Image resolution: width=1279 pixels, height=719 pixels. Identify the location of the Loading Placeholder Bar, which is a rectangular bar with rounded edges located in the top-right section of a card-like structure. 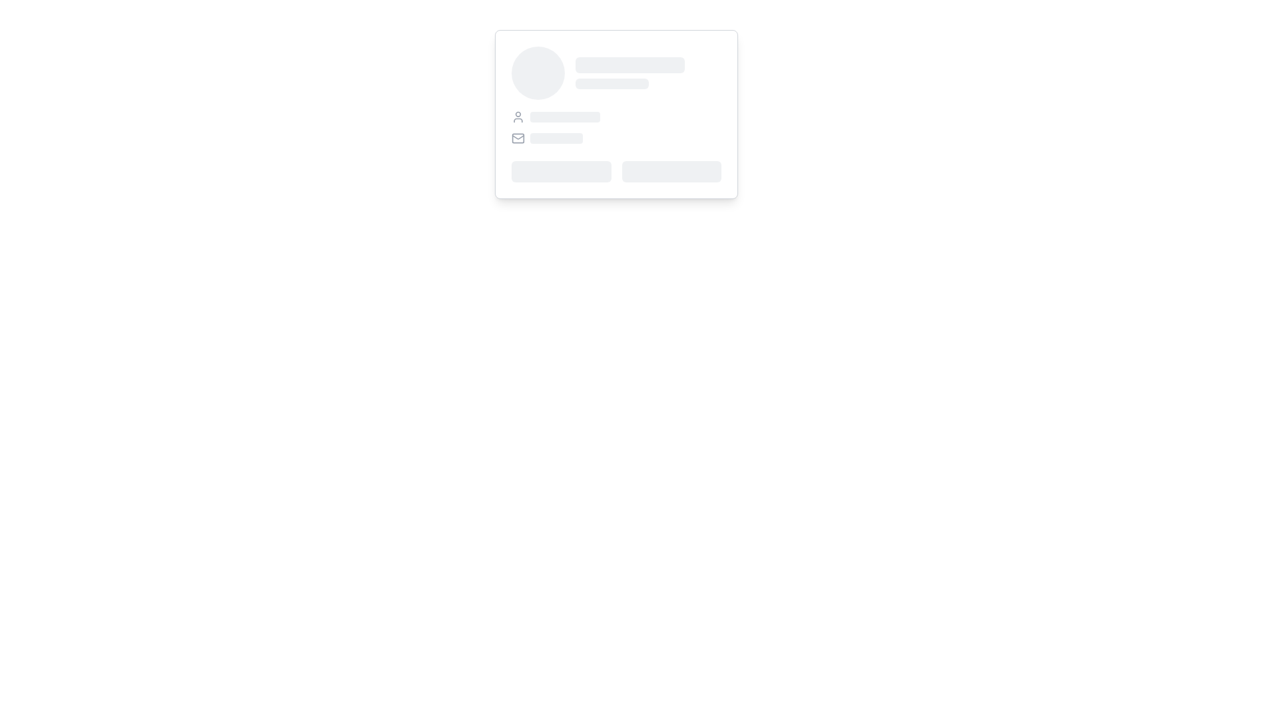
(648, 73).